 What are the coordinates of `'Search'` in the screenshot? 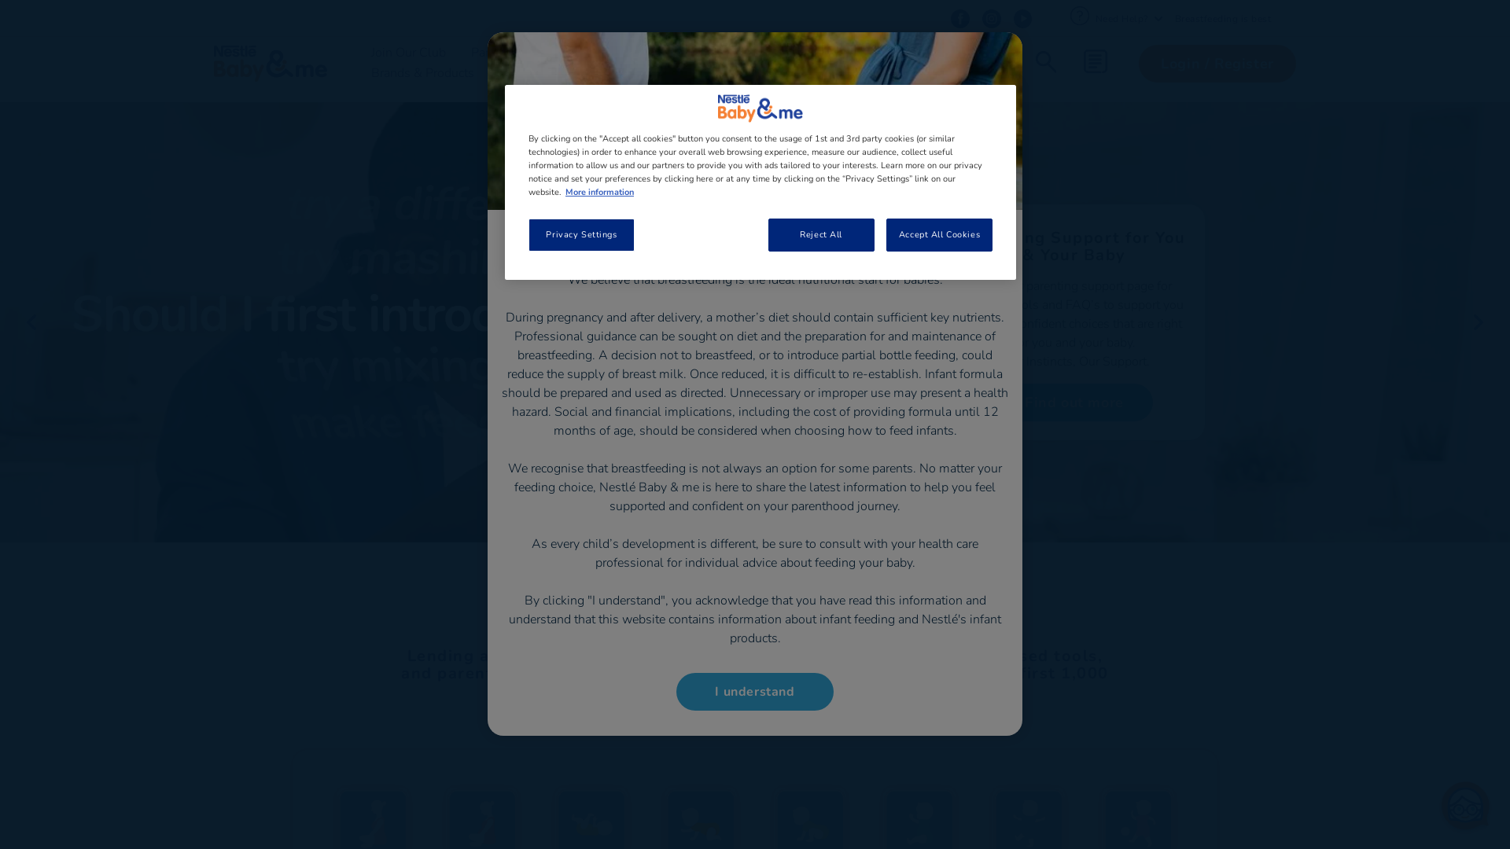 It's located at (1147, 118).